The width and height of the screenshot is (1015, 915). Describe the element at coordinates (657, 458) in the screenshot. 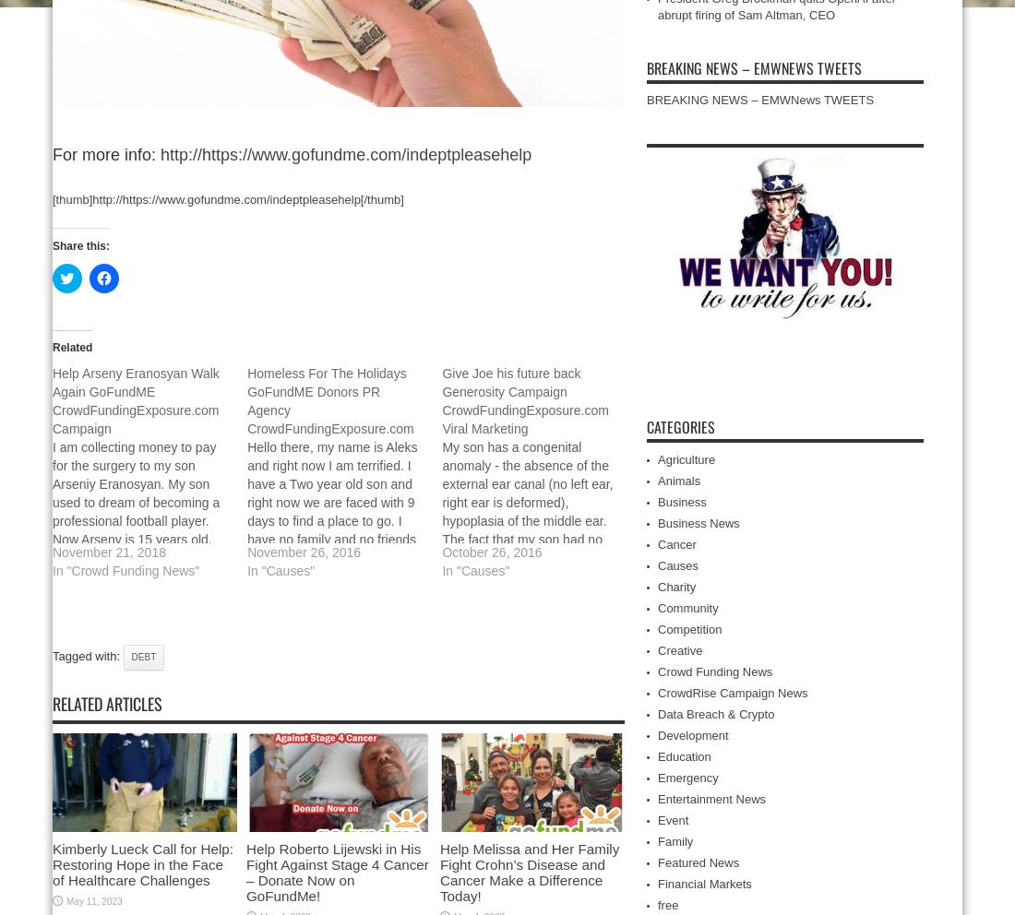

I see `'Agriculture'` at that location.